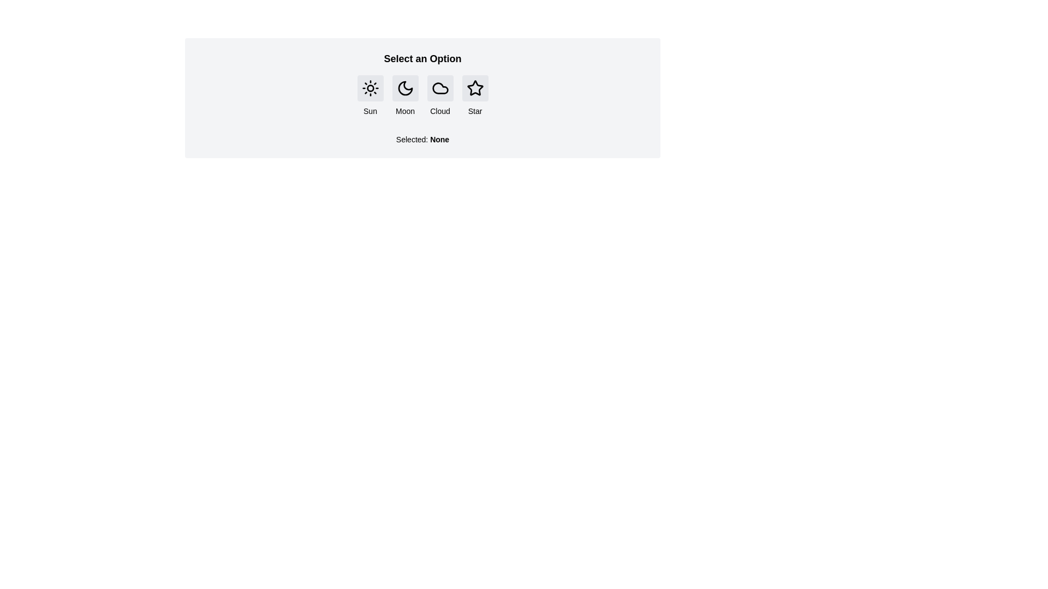 The image size is (1048, 589). Describe the element at coordinates (370, 88) in the screenshot. I see `the sun icon button, which is the first icon in the 'Select an Option' group` at that location.